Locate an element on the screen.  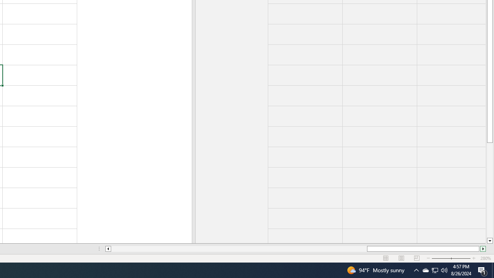
'Normal' is located at coordinates (386, 258).